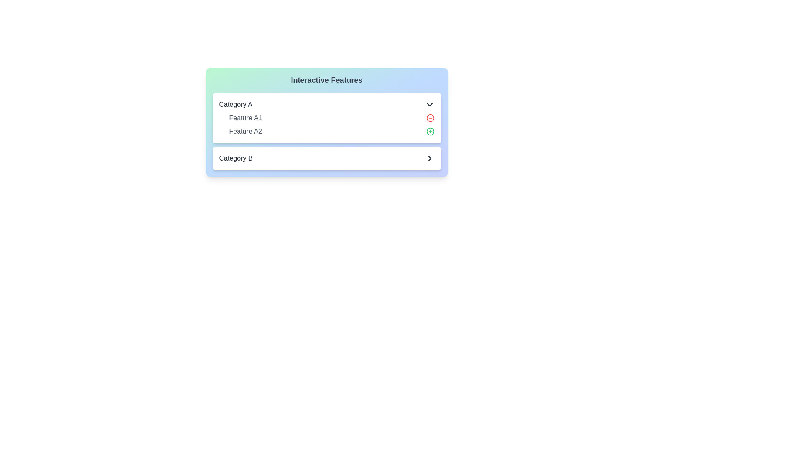 The image size is (808, 454). I want to click on the circular green button with a plus sign in the rightmost section of the 'Feature A2' row, so click(430, 131).